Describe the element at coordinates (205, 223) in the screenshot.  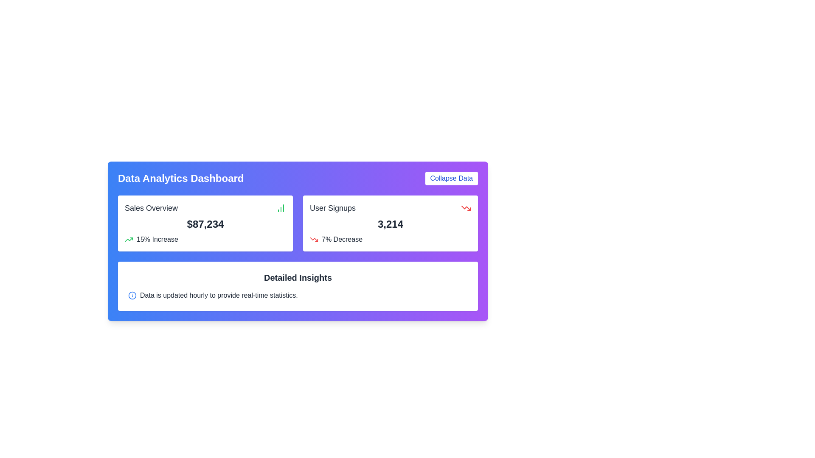
I see `the bold numeric value '$87,234' displayed in the 'Sales Overview' card, located centrally below the section header` at that location.